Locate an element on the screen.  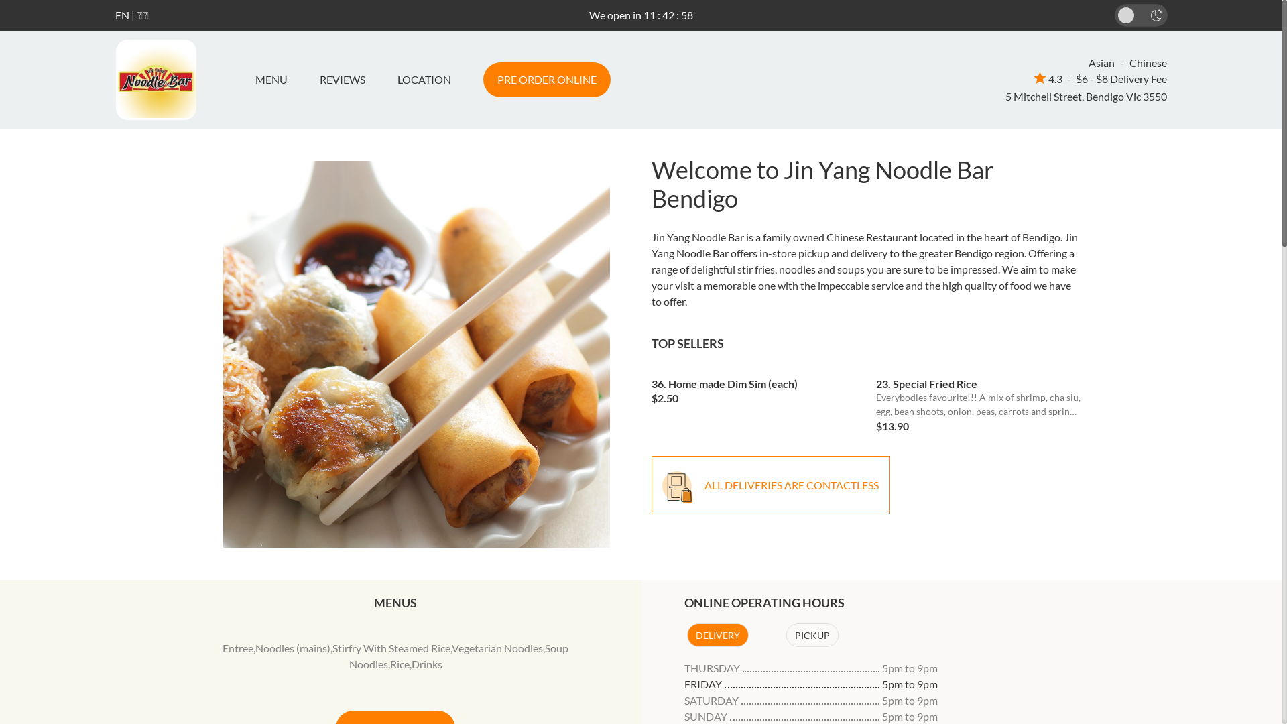
'Entree' is located at coordinates (238, 647).